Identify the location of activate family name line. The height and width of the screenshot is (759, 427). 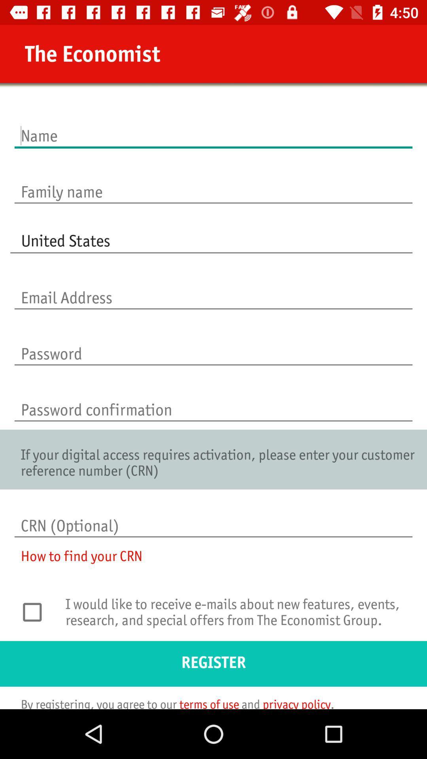
(213, 183).